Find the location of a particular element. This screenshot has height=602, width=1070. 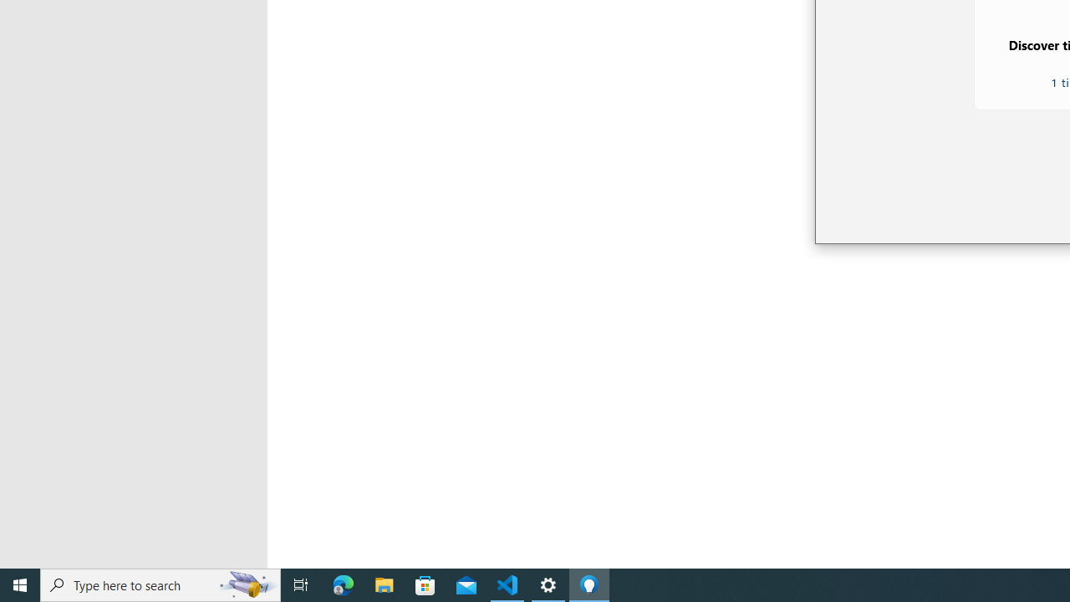

'Microsoft Edge' is located at coordinates (343, 584).